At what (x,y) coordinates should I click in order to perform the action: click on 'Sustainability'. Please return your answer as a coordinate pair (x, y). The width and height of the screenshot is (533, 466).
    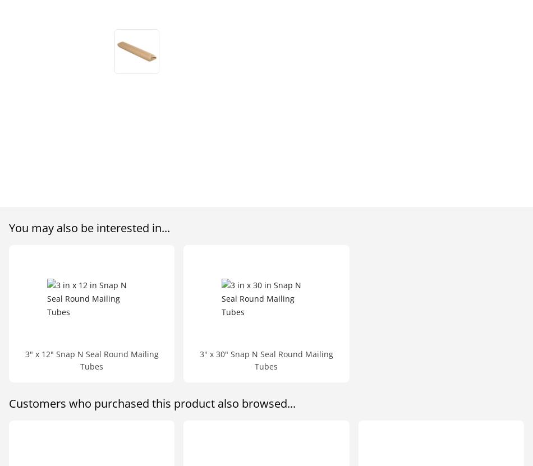
    Looking at the image, I should click on (431, 75).